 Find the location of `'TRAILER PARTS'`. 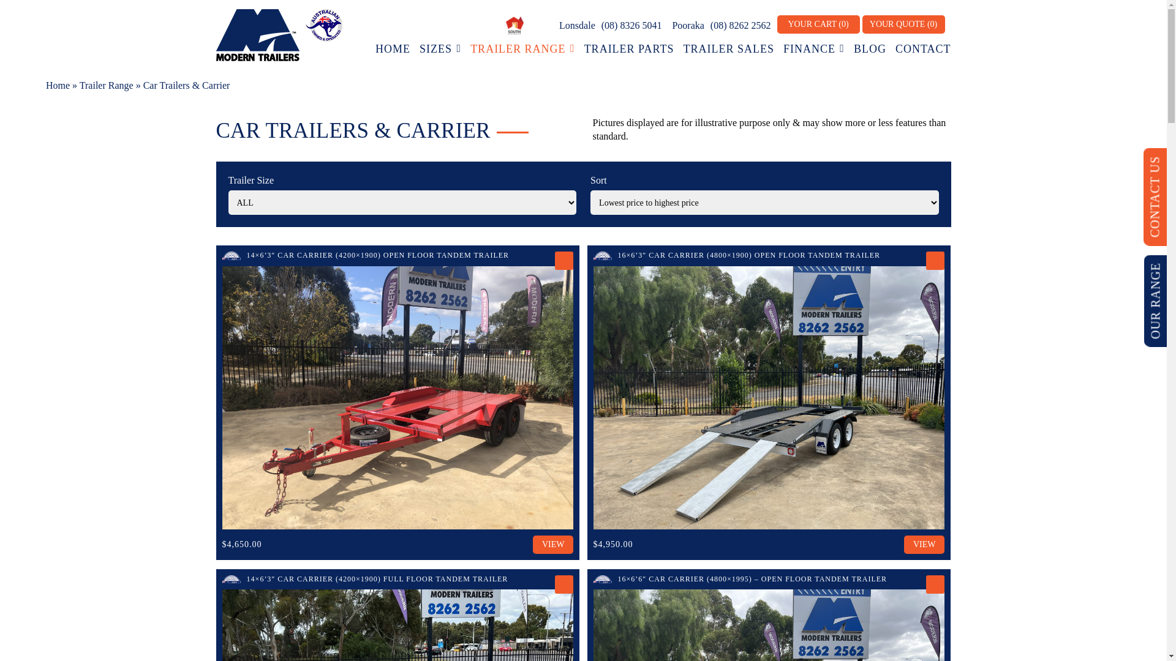

'TRAILER PARTS' is located at coordinates (629, 48).